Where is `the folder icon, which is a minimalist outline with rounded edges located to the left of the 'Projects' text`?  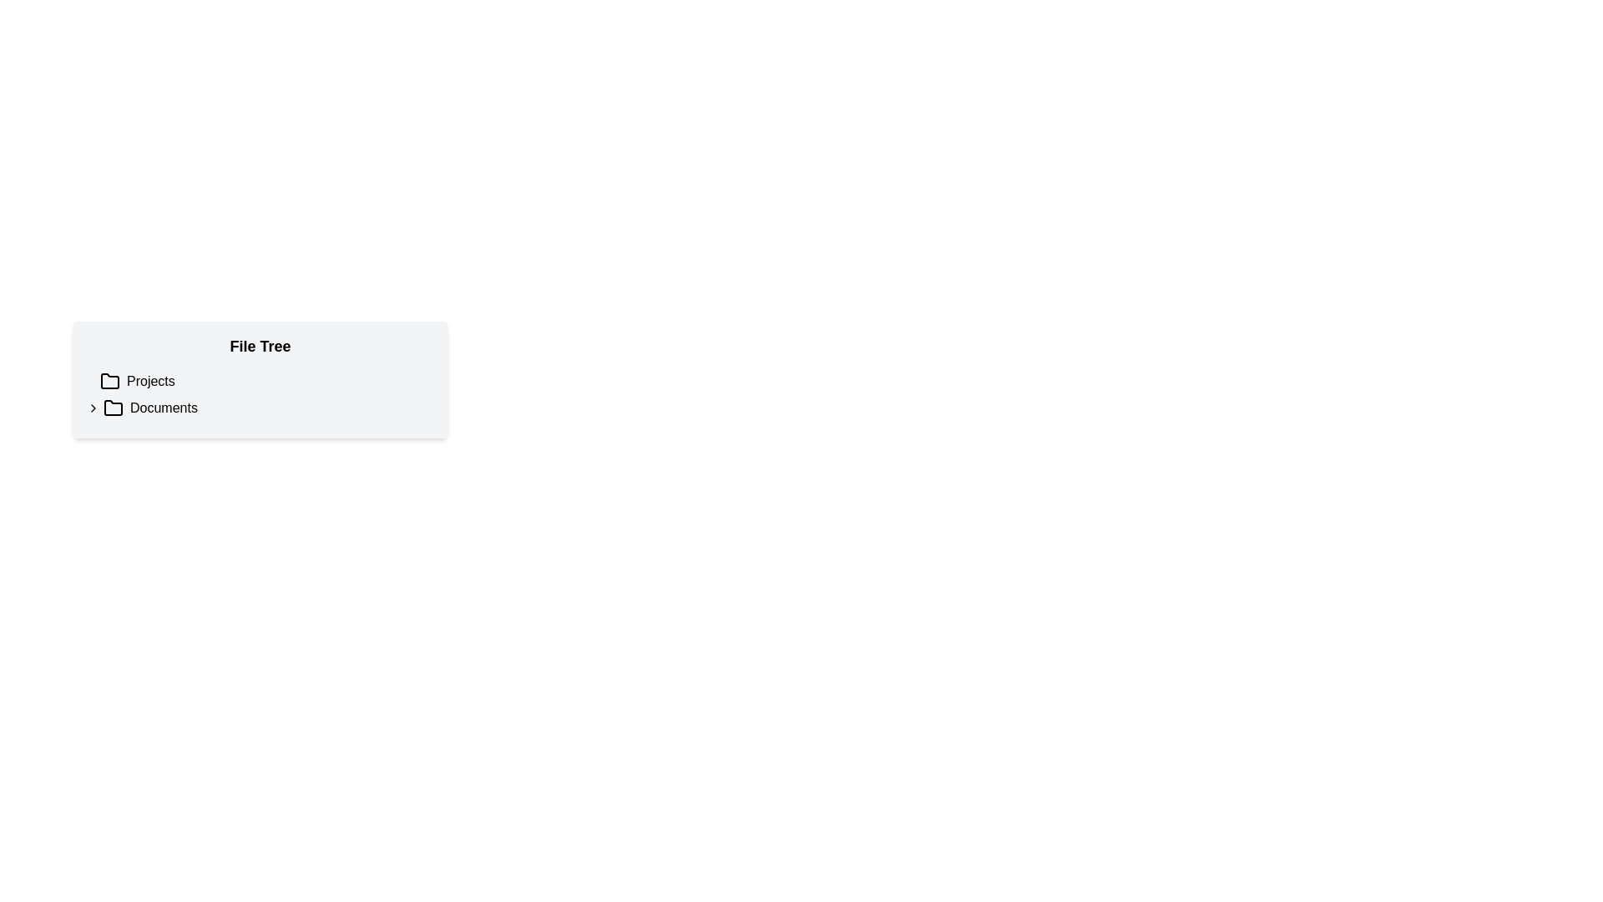 the folder icon, which is a minimalist outline with rounded edges located to the left of the 'Projects' text is located at coordinates (109, 381).